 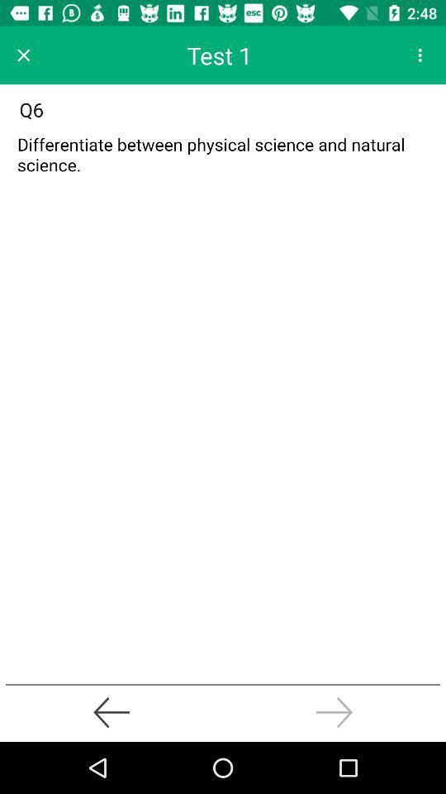 What do you see at coordinates (111, 711) in the screenshot?
I see `for back` at bounding box center [111, 711].